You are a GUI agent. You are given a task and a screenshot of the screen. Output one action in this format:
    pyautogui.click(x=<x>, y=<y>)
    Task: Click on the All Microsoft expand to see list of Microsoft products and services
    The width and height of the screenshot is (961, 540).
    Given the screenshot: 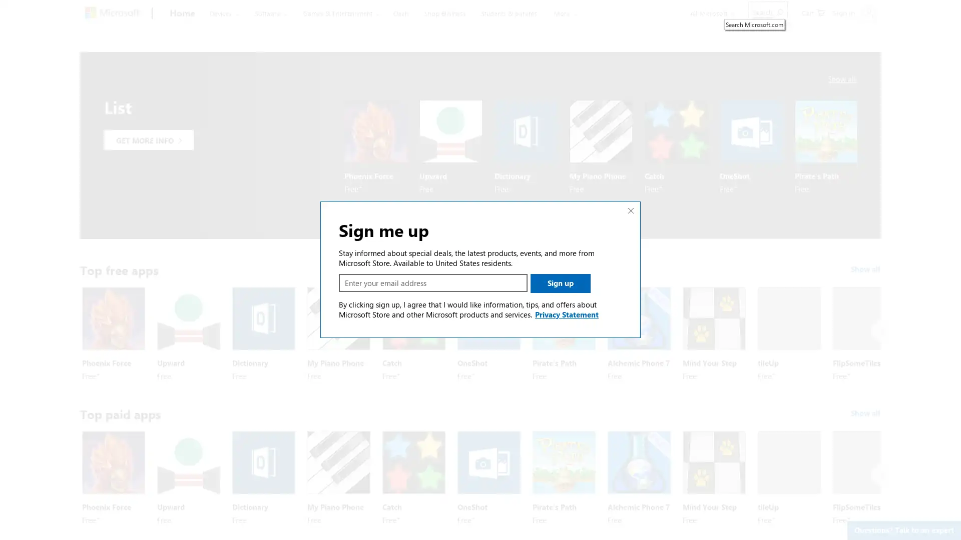 What is the action you would take?
    pyautogui.click(x=710, y=13)
    